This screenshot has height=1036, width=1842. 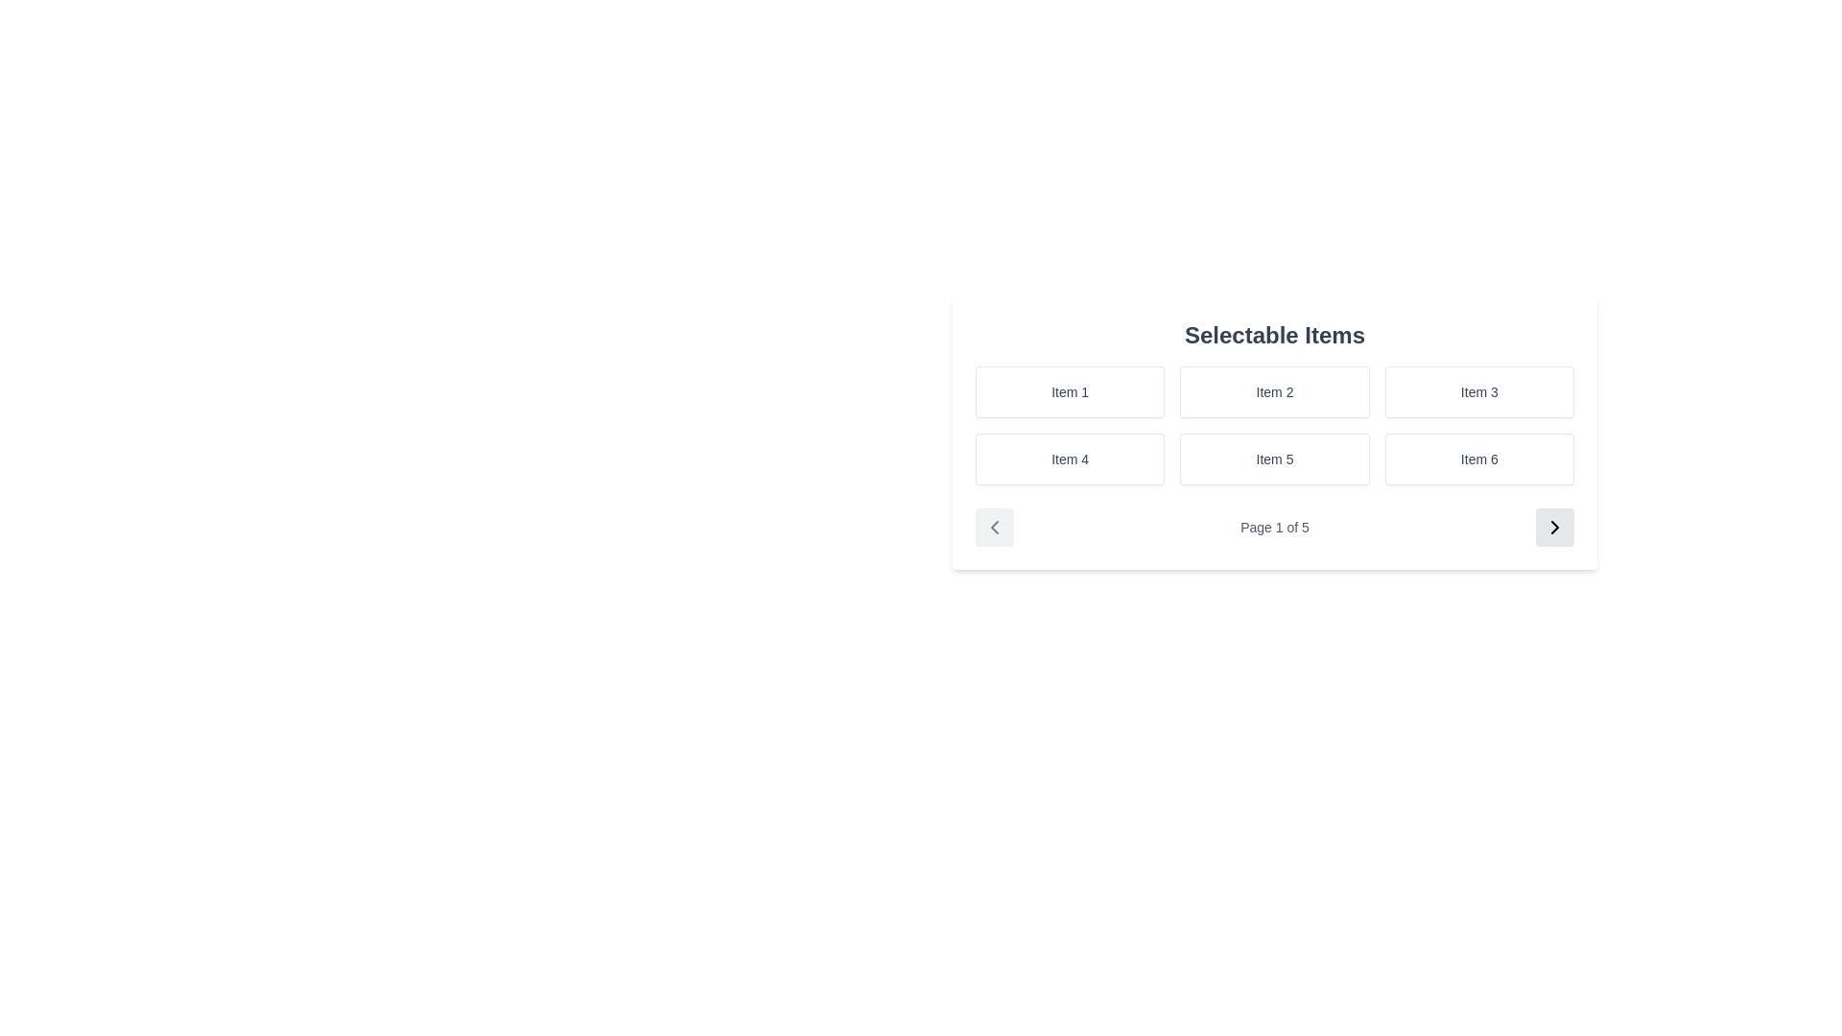 I want to click on the button labeled 'Item 4', which is a rectangular button with light gray borders and a white background, positioned in the second row, first column of the grid under 'Selectable Items', so click(x=1069, y=459).